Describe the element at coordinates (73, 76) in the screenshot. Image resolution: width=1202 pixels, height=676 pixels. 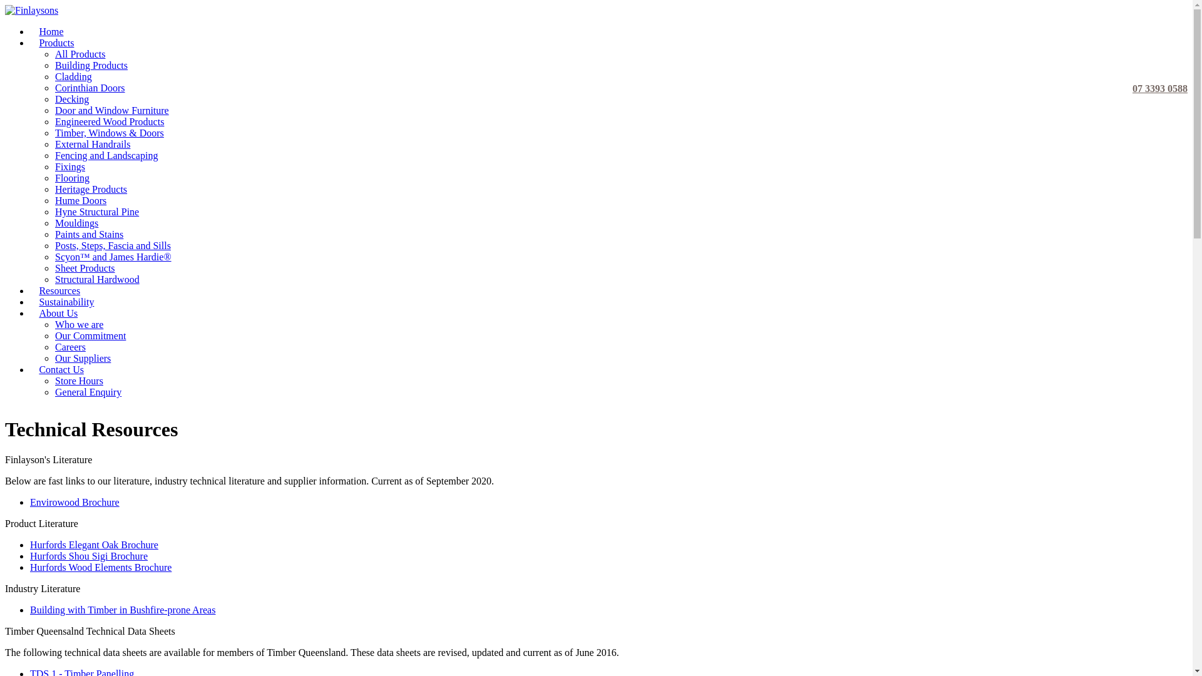
I see `'Cladding'` at that location.